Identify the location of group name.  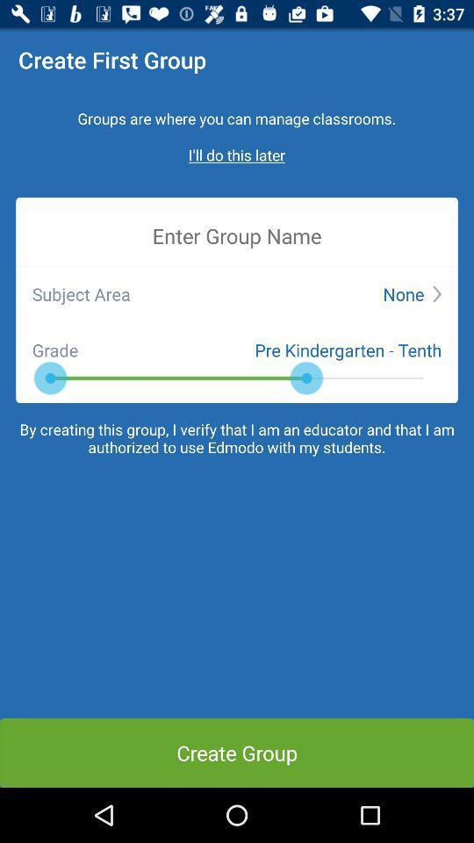
(237, 234).